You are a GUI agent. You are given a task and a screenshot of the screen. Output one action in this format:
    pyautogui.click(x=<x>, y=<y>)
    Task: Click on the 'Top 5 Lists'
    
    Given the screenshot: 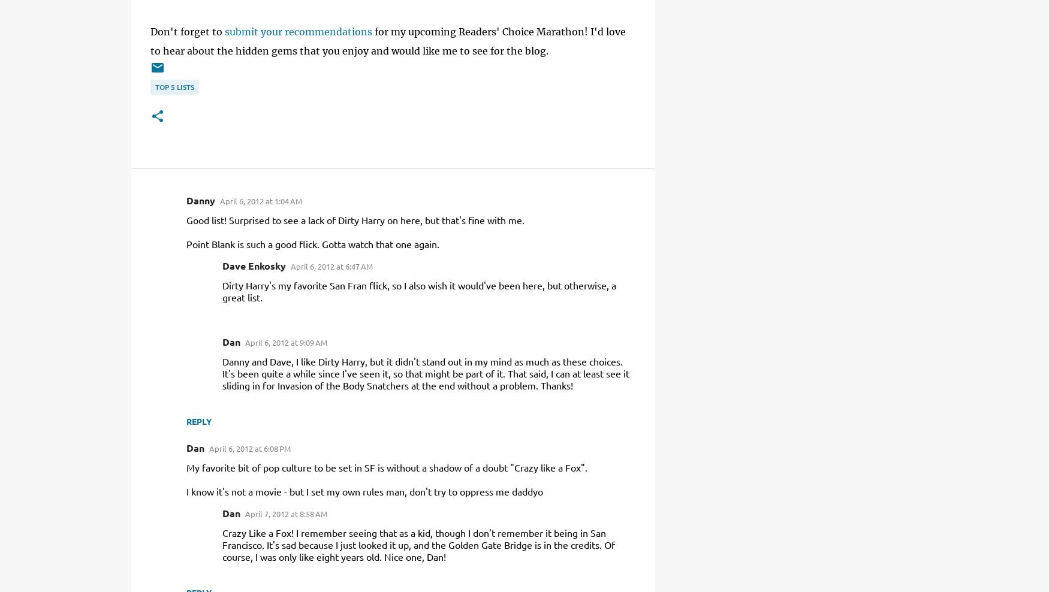 What is the action you would take?
    pyautogui.click(x=174, y=86)
    